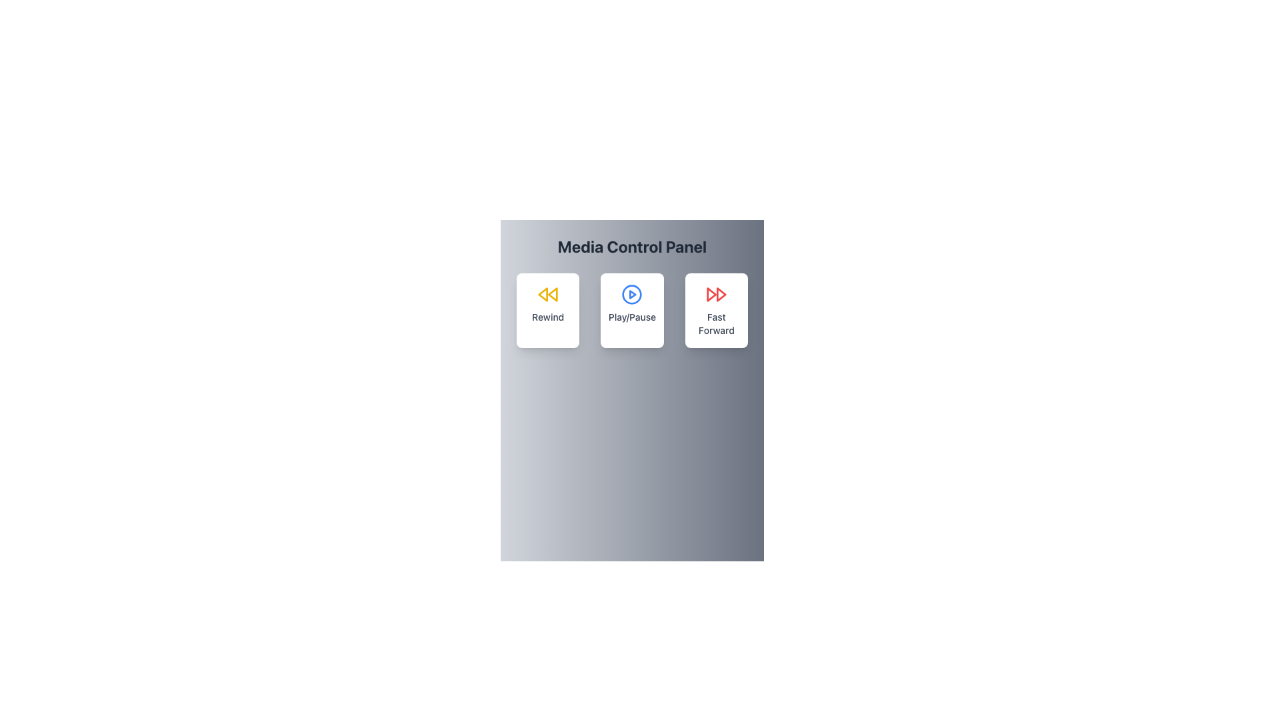  I want to click on the play icon which is visually centered in the box above the text 'Play/Pause', indicating its functionality to start or resume multimedia playback, so click(631, 294).